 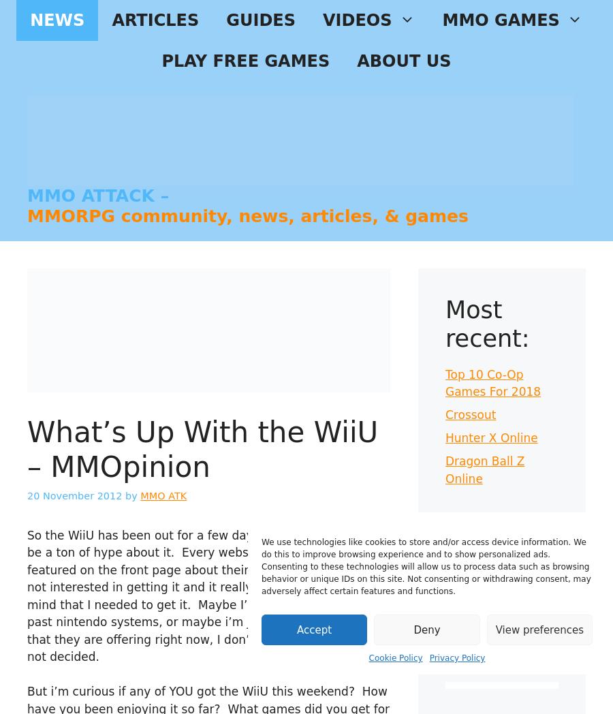 I want to click on 'Hunter X Online', so click(x=445, y=437).